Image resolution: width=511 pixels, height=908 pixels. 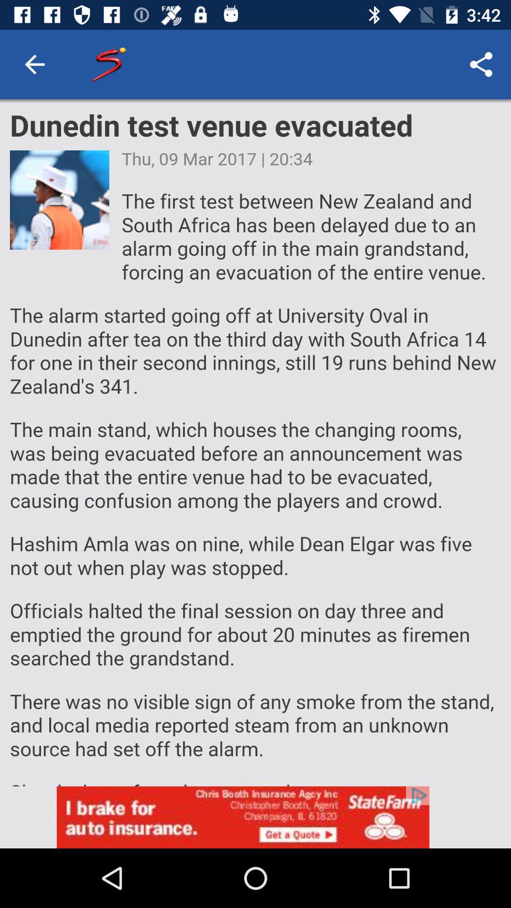 I want to click on choose the selection, so click(x=255, y=442).